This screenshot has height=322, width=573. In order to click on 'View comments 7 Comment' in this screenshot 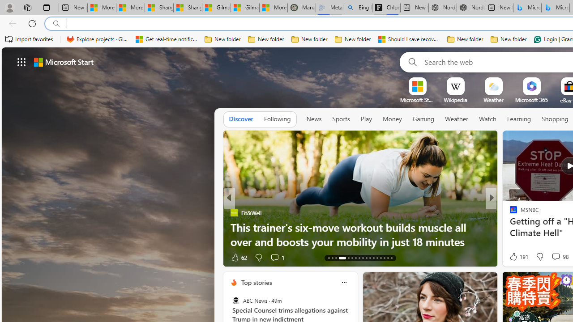, I will do `click(552, 257)`.